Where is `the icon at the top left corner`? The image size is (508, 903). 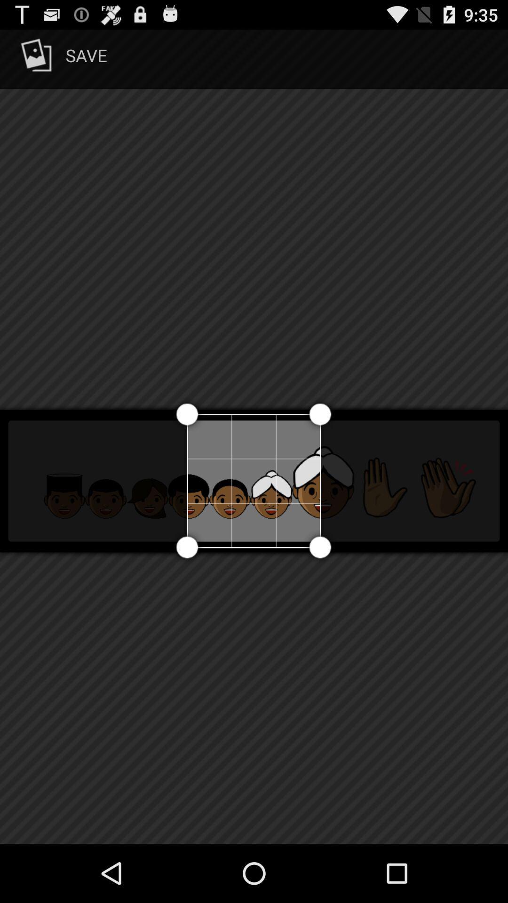 the icon at the top left corner is located at coordinates (62, 58).